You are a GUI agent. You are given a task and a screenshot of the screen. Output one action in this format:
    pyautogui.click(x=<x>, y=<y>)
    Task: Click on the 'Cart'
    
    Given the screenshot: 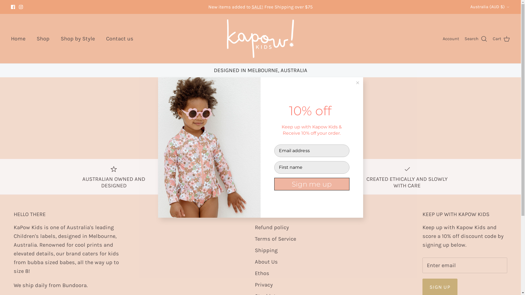 What is the action you would take?
    pyautogui.click(x=501, y=39)
    